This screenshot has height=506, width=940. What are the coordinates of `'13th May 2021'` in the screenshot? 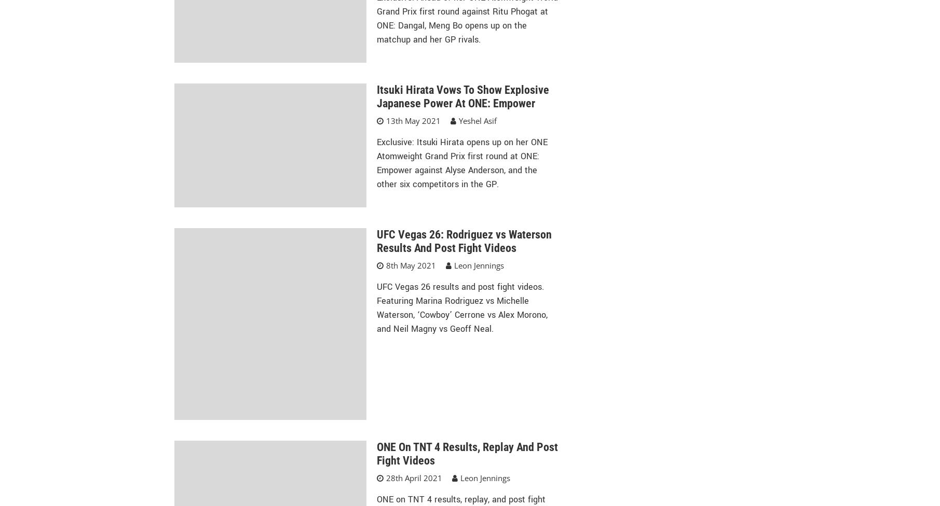 It's located at (412, 119).